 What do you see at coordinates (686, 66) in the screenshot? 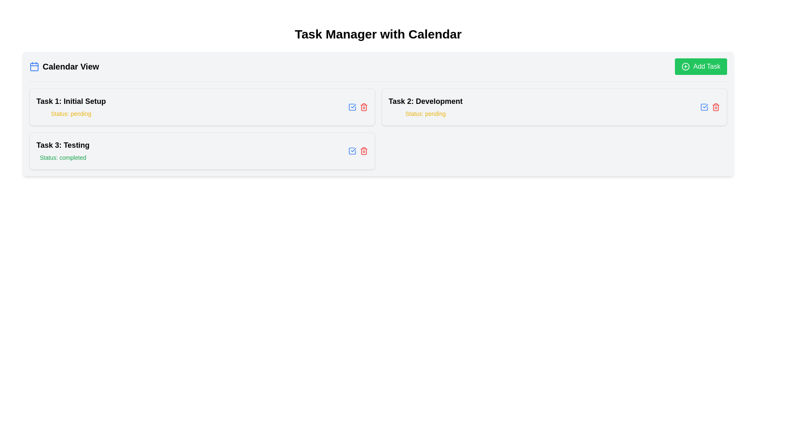
I see `the graphical circular element that is part of the 'Add Task' button located in the top-right corner of the page` at bounding box center [686, 66].